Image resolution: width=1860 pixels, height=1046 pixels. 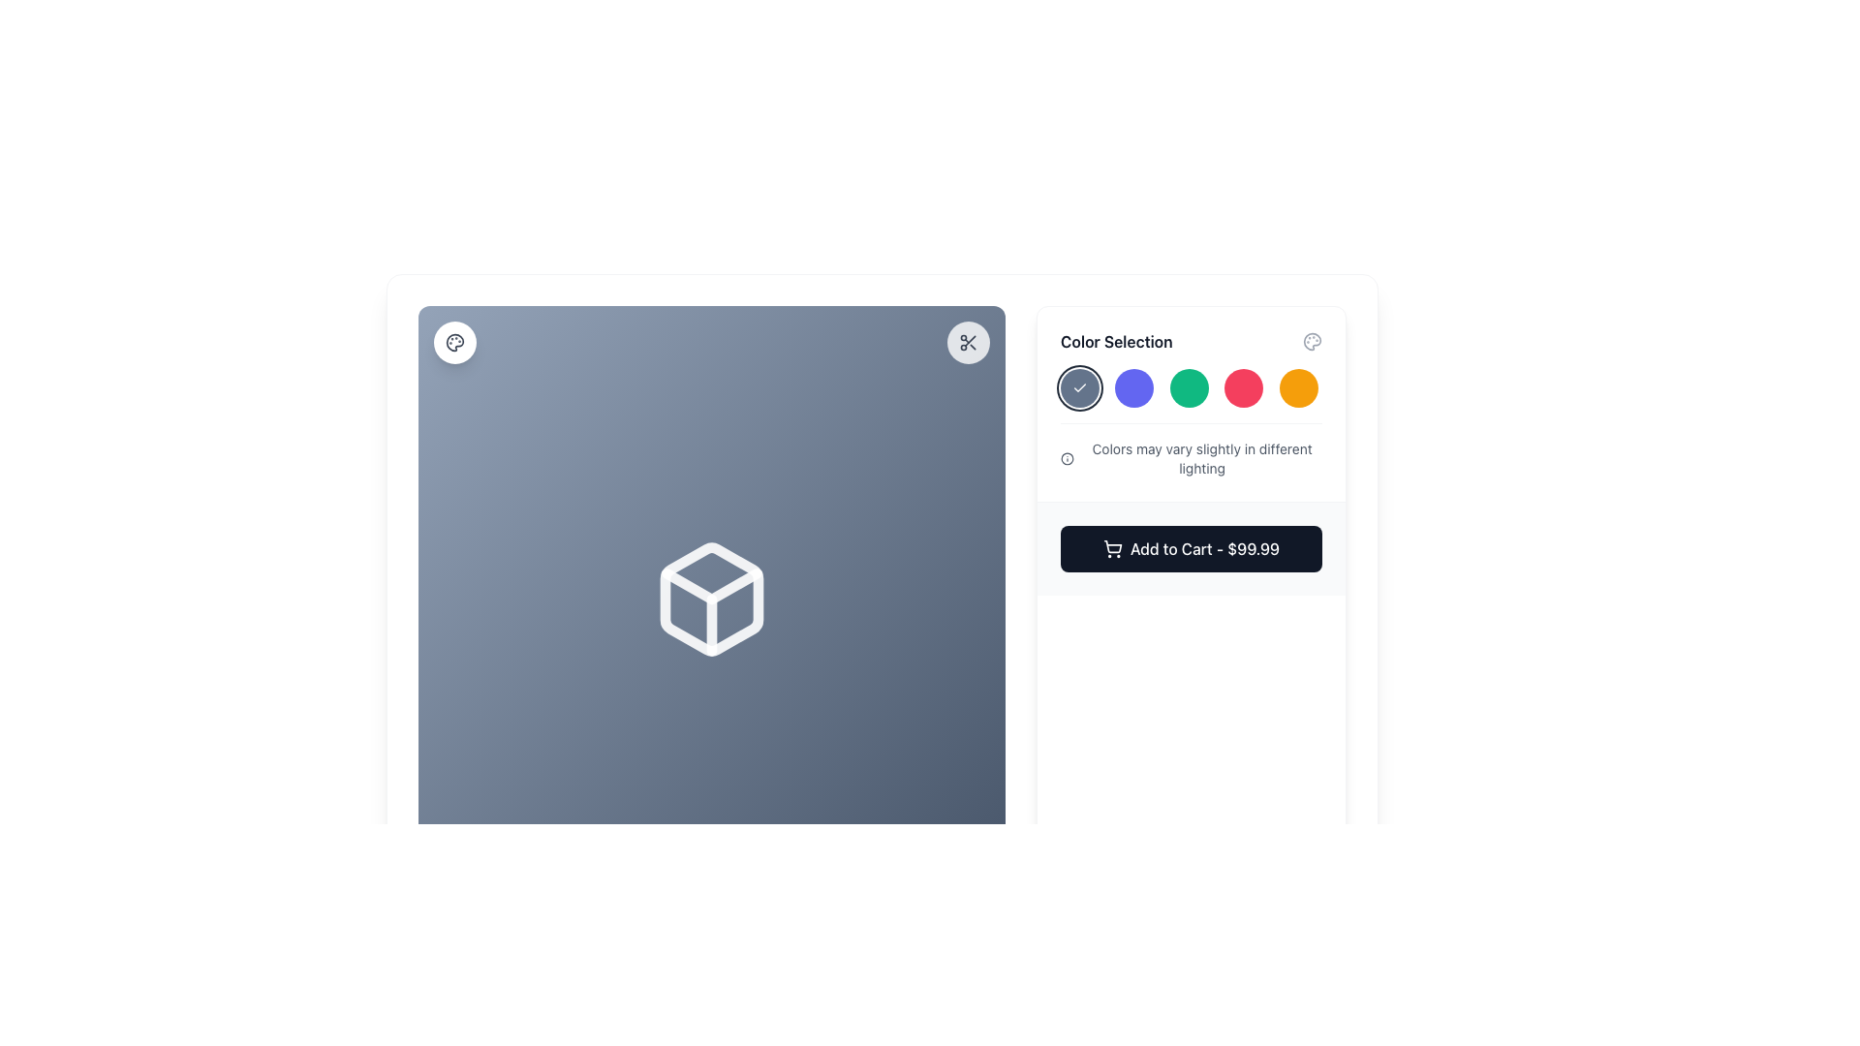 I want to click on the 'Add to Cart - $99.99' button with a dark background and shopping cart icon, so click(x=1190, y=548).